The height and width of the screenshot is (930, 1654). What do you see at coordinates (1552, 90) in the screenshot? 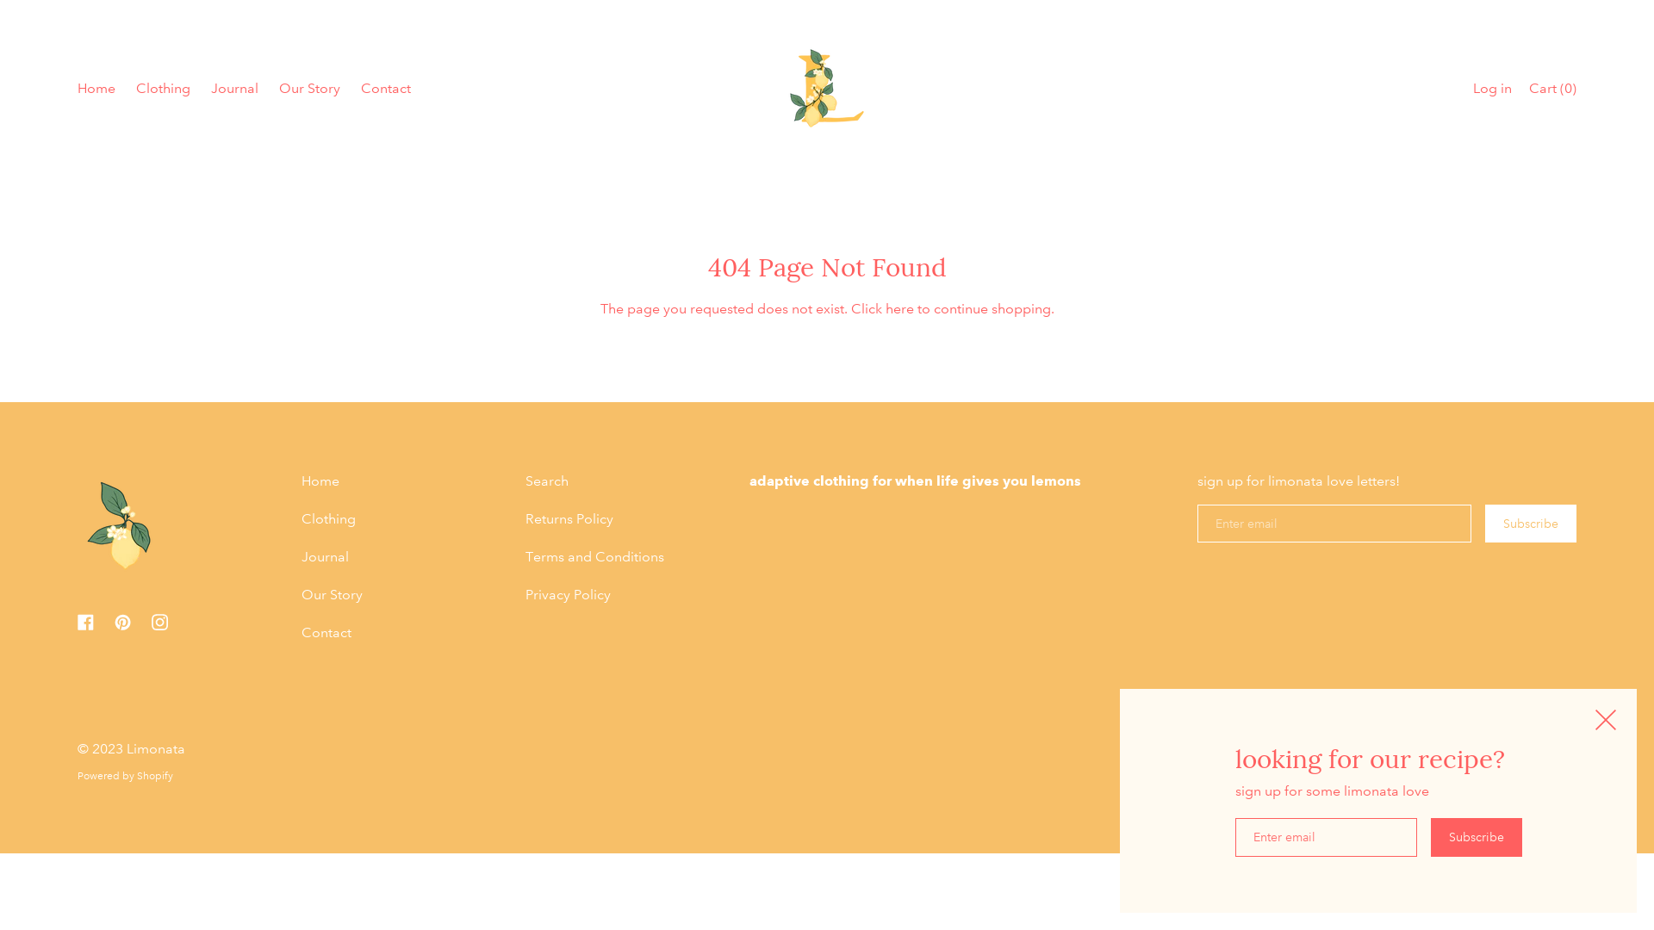
I see `'Cart (0)'` at bounding box center [1552, 90].